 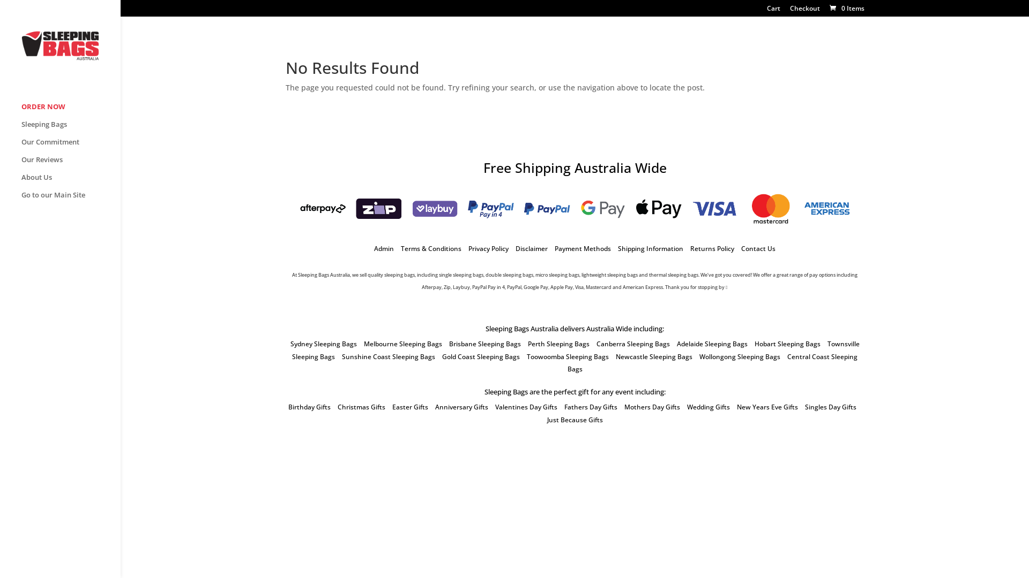 What do you see at coordinates (573, 419) in the screenshot?
I see `'Just Because Gifts'` at bounding box center [573, 419].